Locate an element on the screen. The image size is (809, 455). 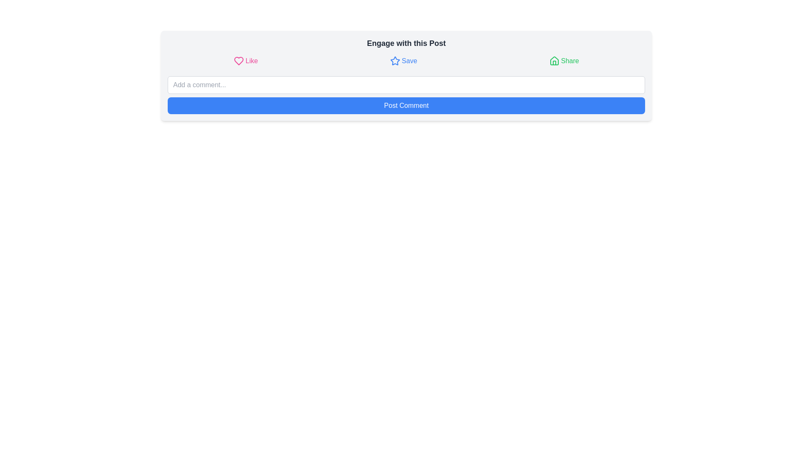
the 'Post Comment' button, which is a rectangular button with a vibrant blue background and white text, located below the 'Add a comment...' text input field is located at coordinates (406, 105).